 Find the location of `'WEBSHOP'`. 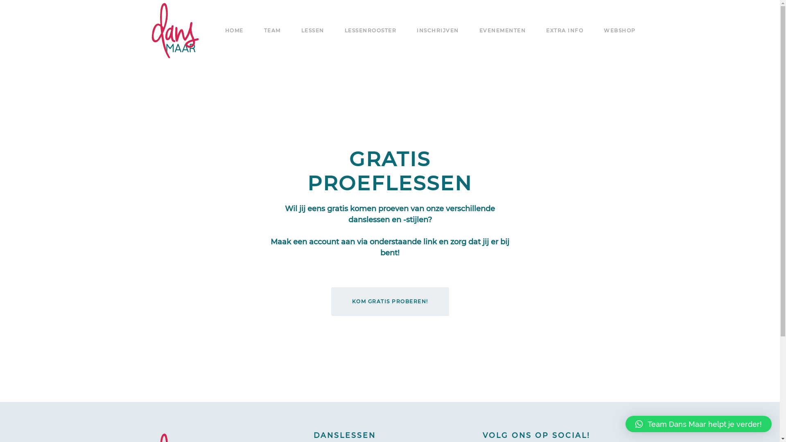

'WEBSHOP' is located at coordinates (619, 30).